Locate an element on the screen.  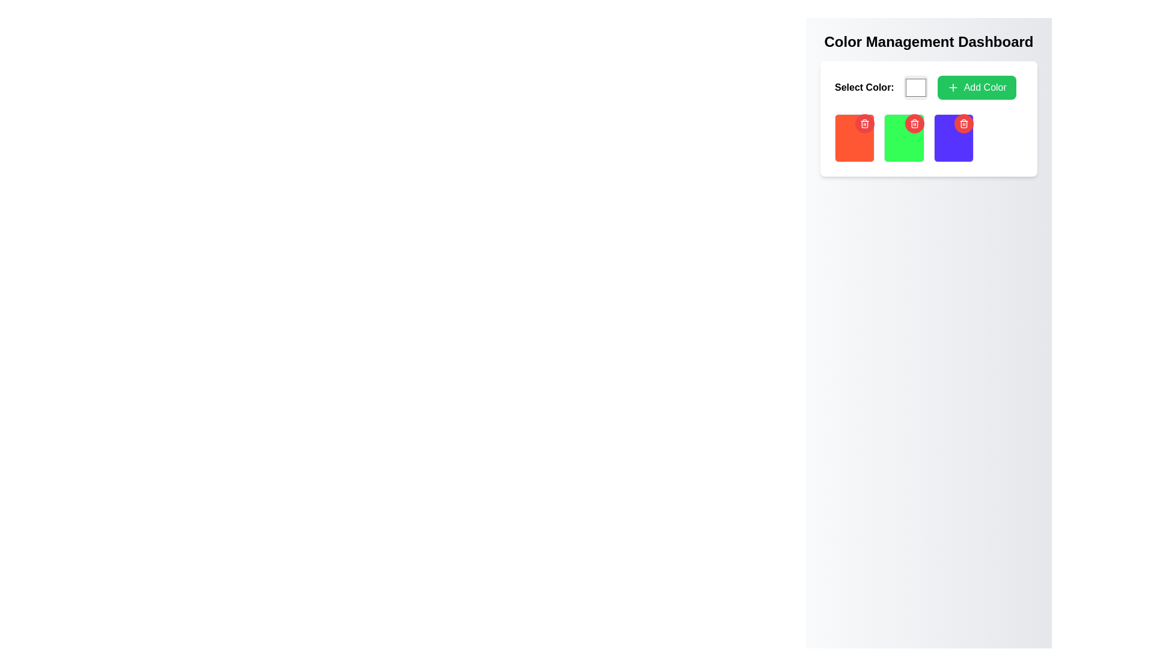
the second color card with a green background in the 'Color Management Dashboard' is located at coordinates (928, 118).